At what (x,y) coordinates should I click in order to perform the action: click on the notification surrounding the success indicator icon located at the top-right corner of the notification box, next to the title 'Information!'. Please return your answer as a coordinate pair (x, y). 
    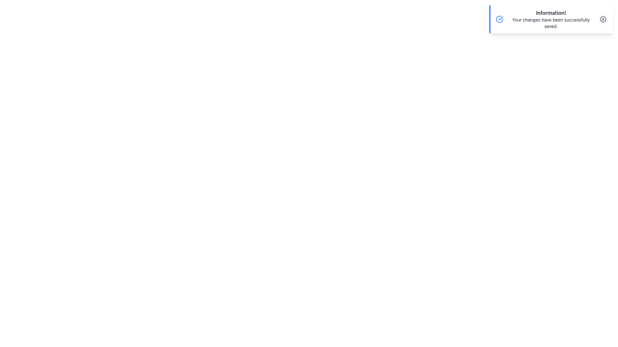
    Looking at the image, I should click on (499, 19).